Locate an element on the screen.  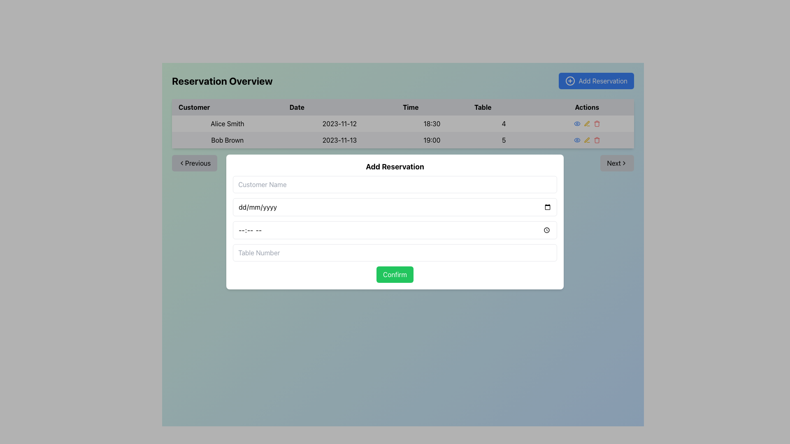
the button positioned at the far right of the horizontal arrangement is located at coordinates (617, 163).